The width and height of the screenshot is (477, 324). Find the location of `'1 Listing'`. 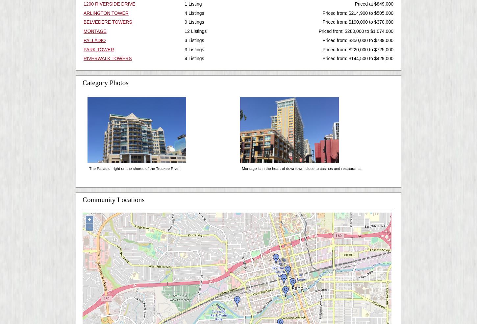

'1 Listing' is located at coordinates (193, 3).